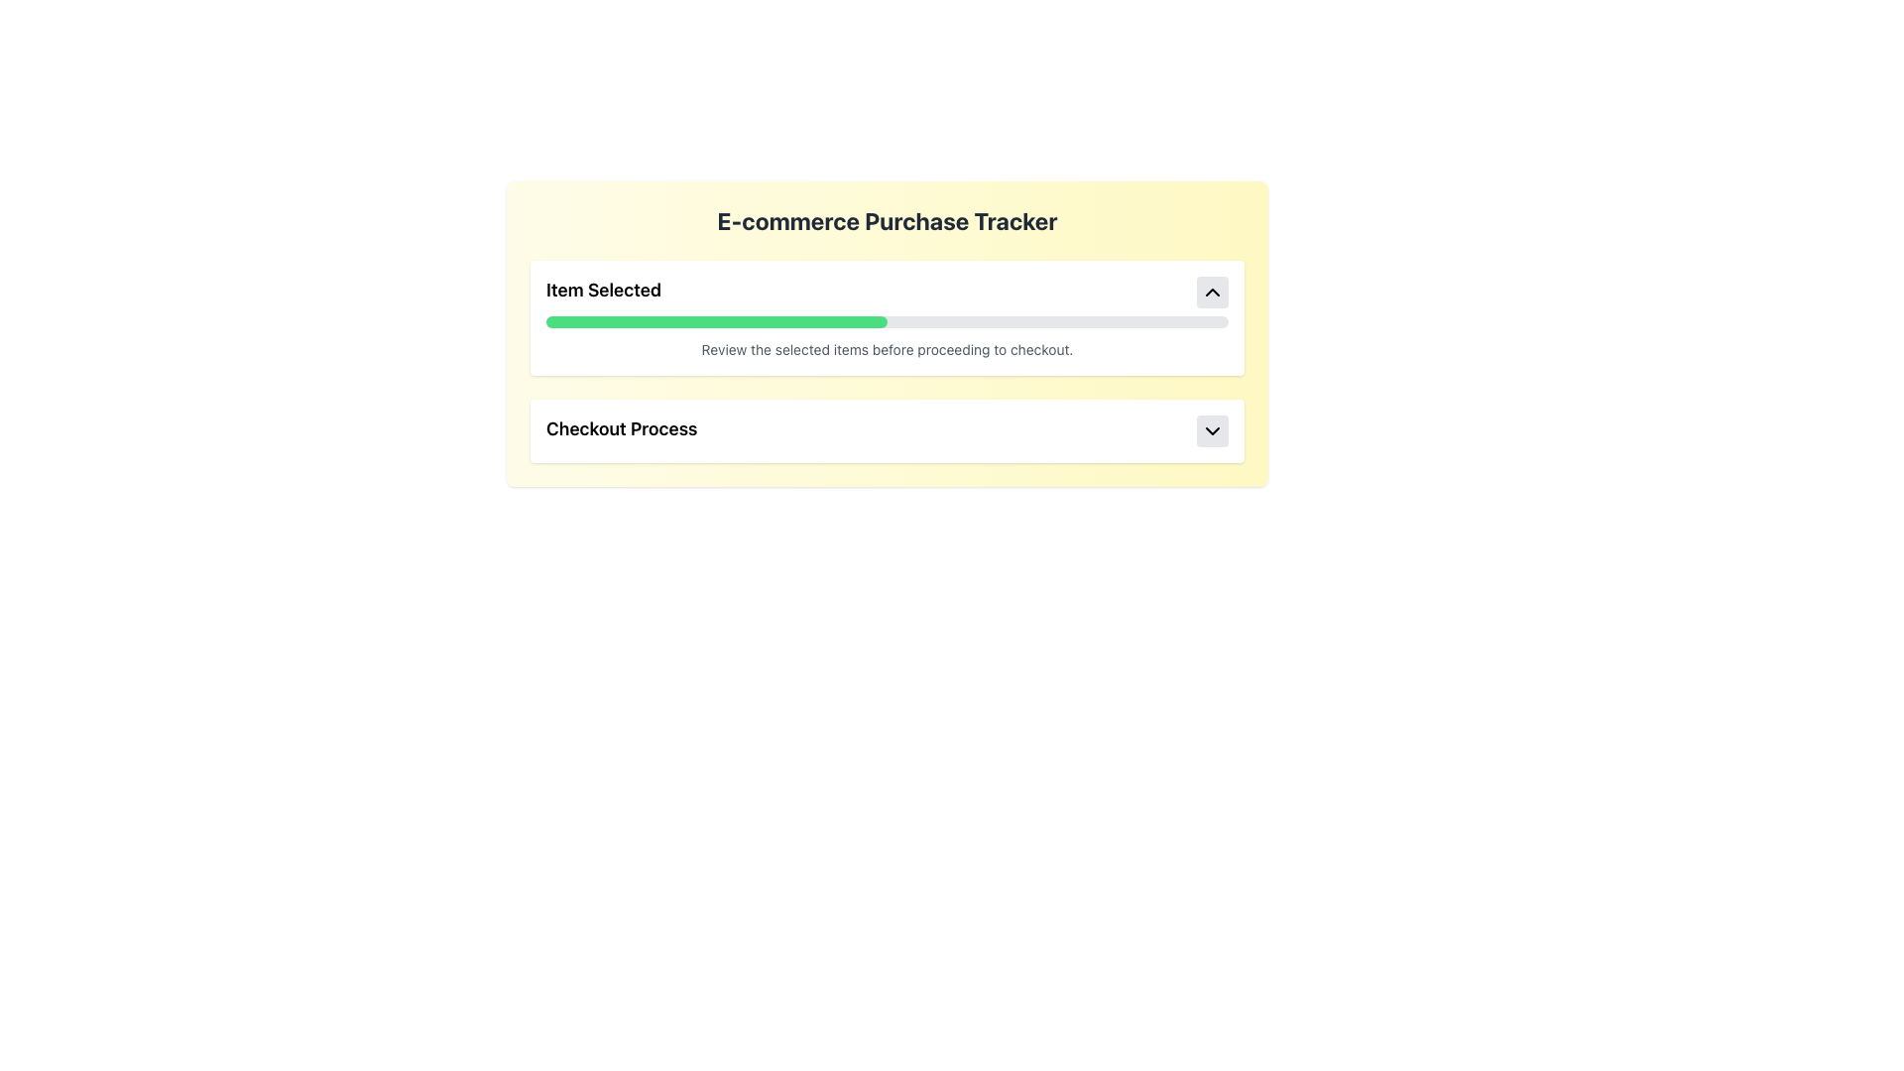 The width and height of the screenshot is (1904, 1071). I want to click on the progress bar that visually represents progress, indicating a 50% completion level, located below the heading 'Item Selected', so click(886, 320).